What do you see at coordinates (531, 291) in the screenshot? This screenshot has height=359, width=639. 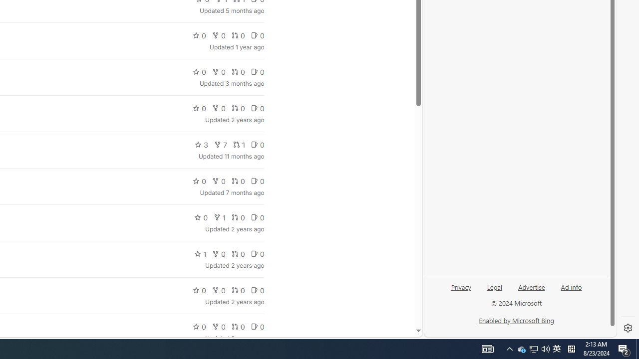 I see `'Advertise'` at bounding box center [531, 291].